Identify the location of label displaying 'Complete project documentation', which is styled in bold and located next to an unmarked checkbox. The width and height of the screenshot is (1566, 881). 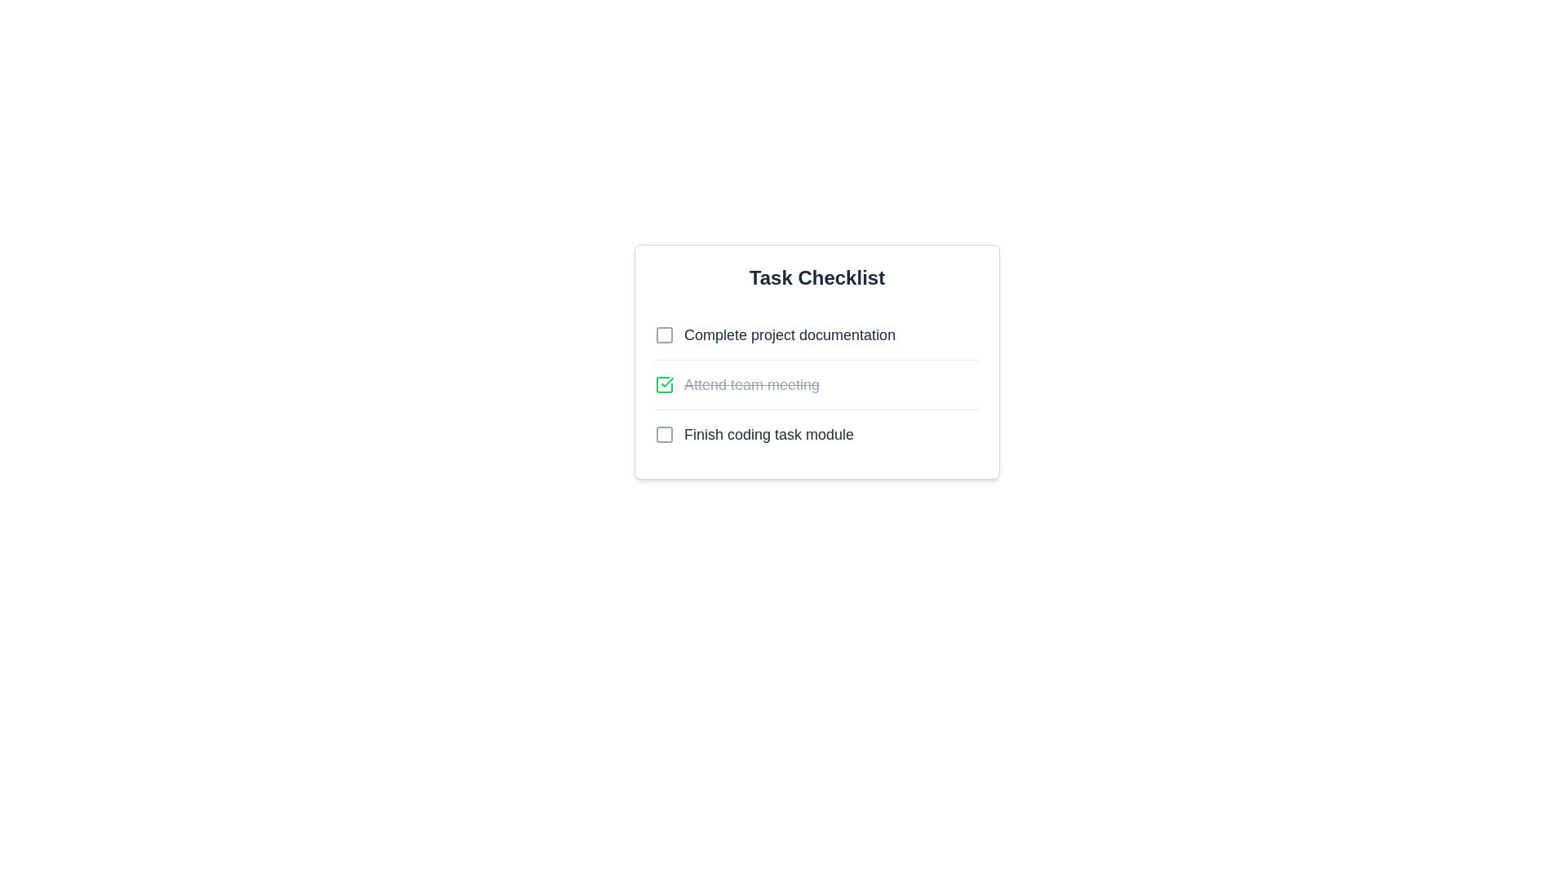
(790, 334).